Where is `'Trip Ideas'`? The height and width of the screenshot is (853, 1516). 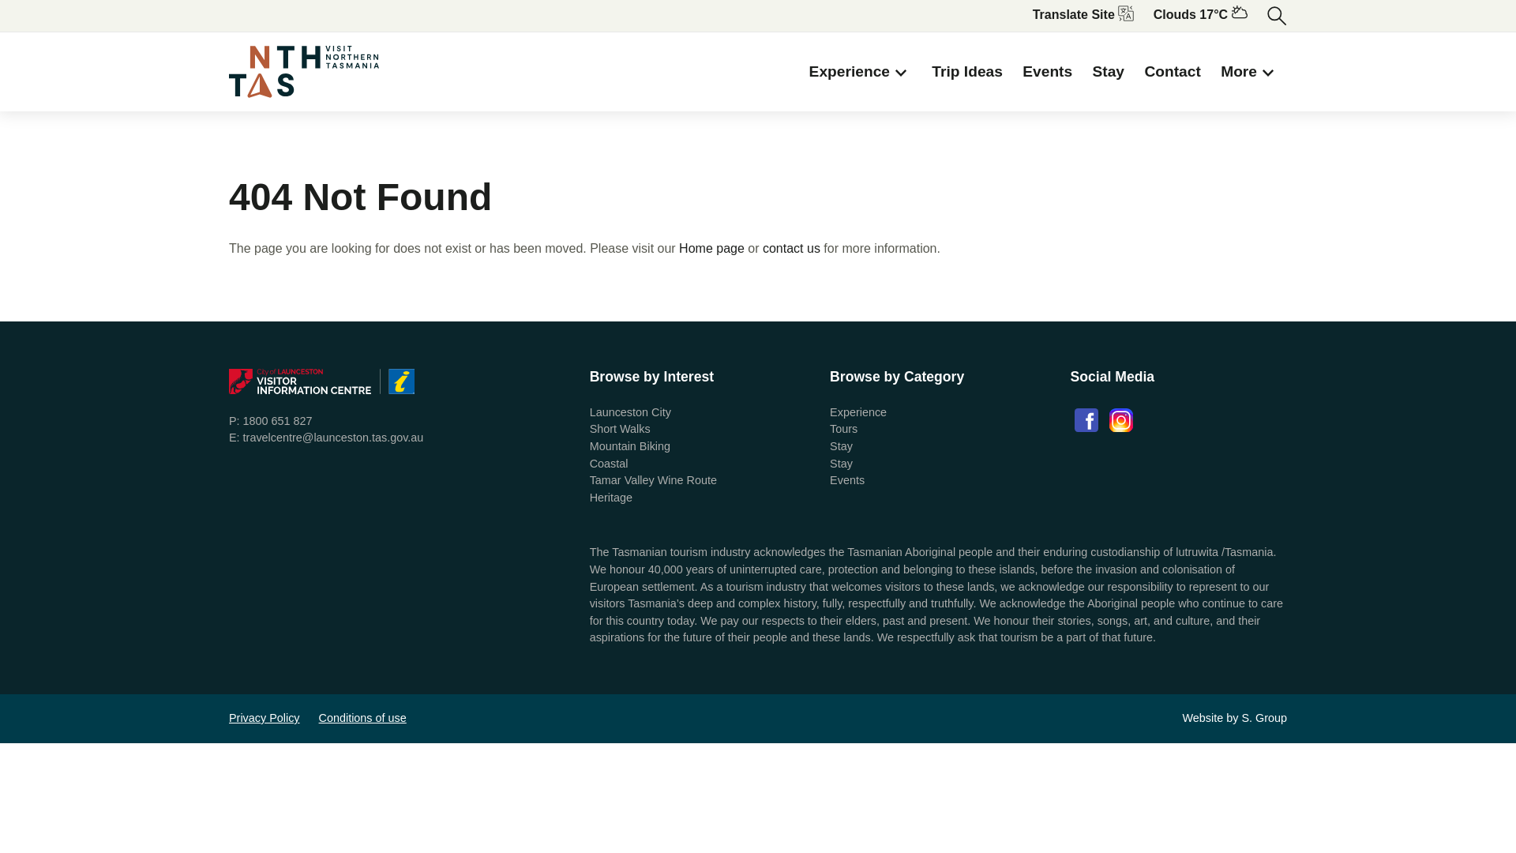 'Trip Ideas' is located at coordinates (966, 72).